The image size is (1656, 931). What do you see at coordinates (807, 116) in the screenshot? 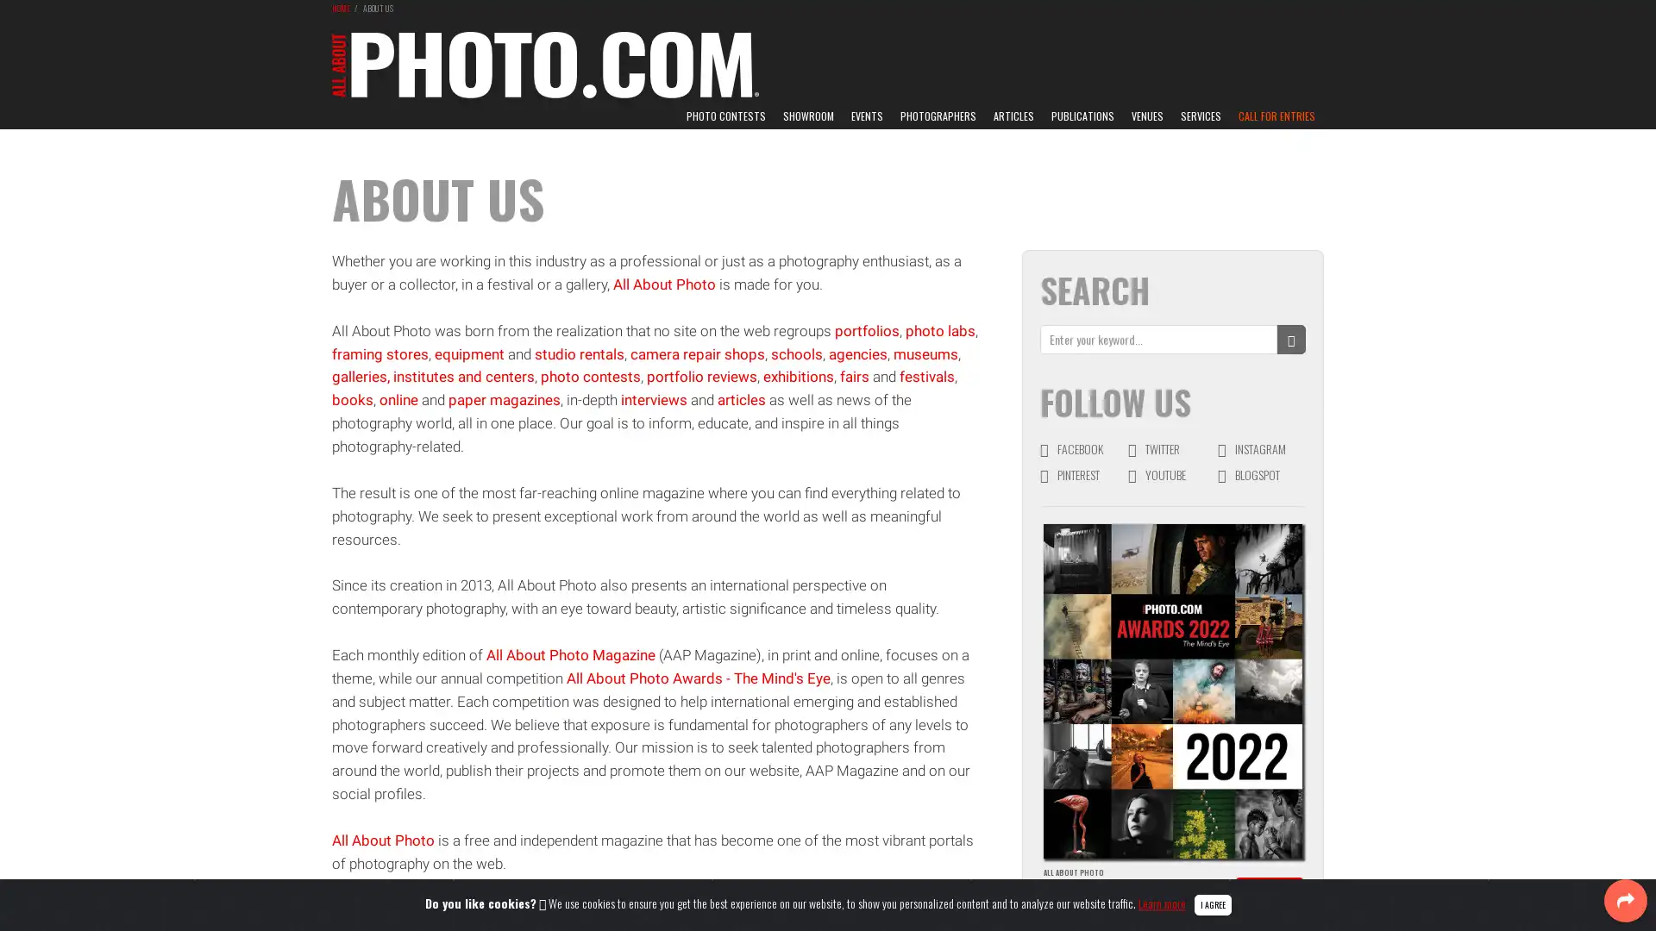
I see `SHOWROOM` at bounding box center [807, 116].